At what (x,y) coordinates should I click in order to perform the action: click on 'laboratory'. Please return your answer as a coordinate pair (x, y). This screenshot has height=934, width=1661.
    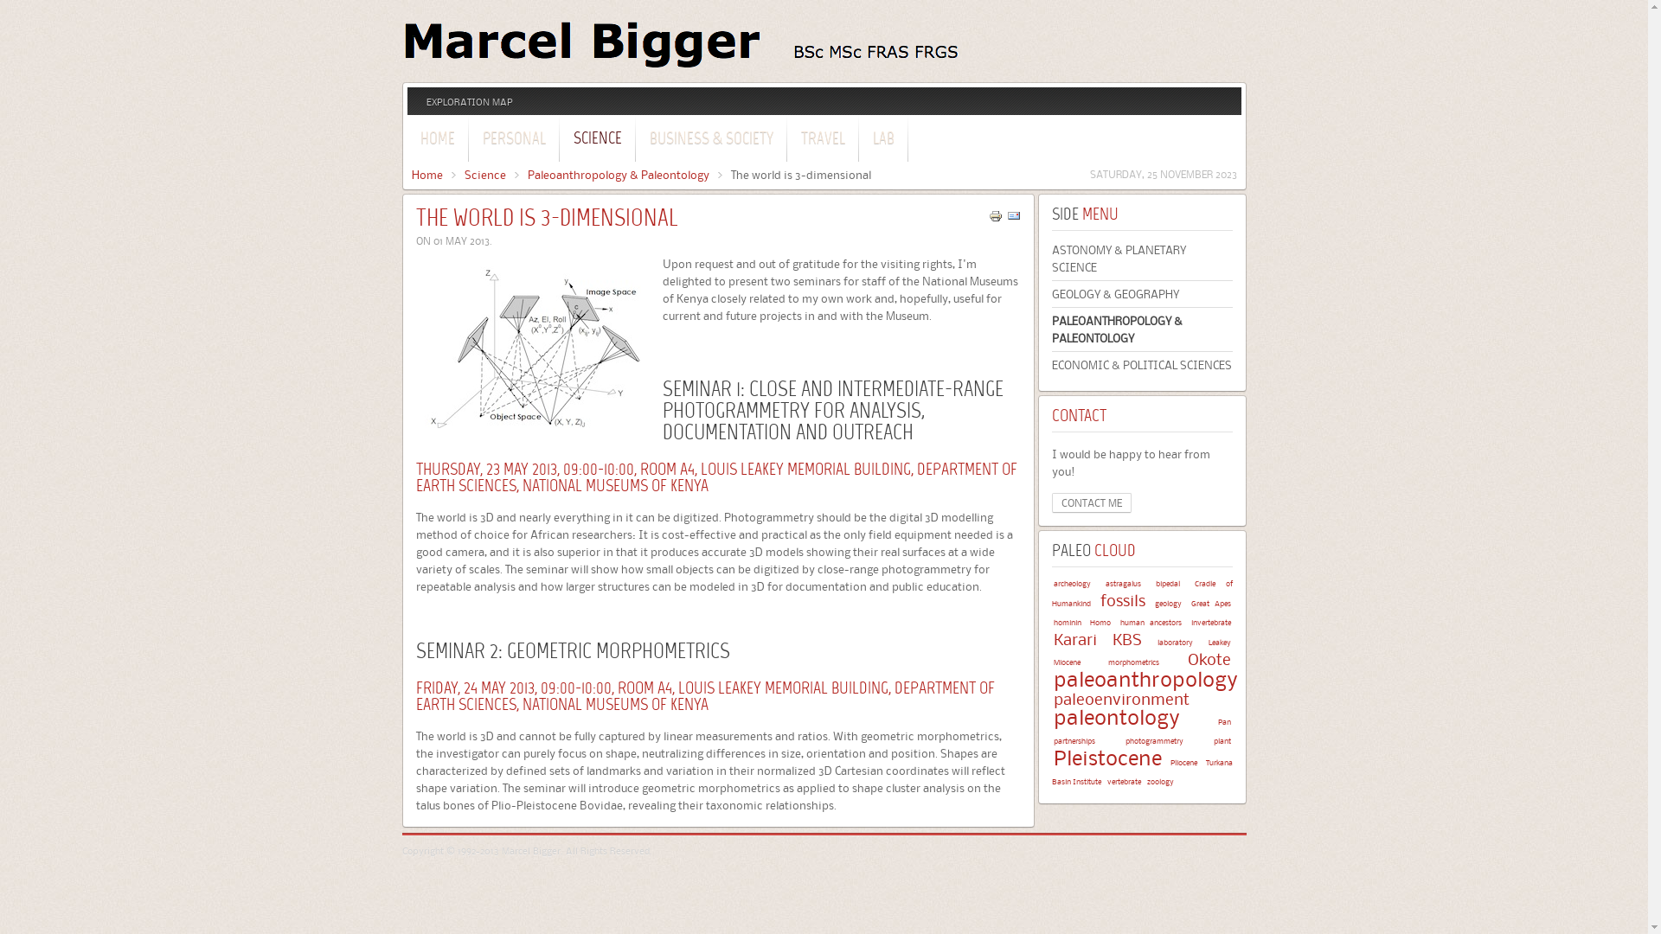
    Looking at the image, I should click on (1175, 642).